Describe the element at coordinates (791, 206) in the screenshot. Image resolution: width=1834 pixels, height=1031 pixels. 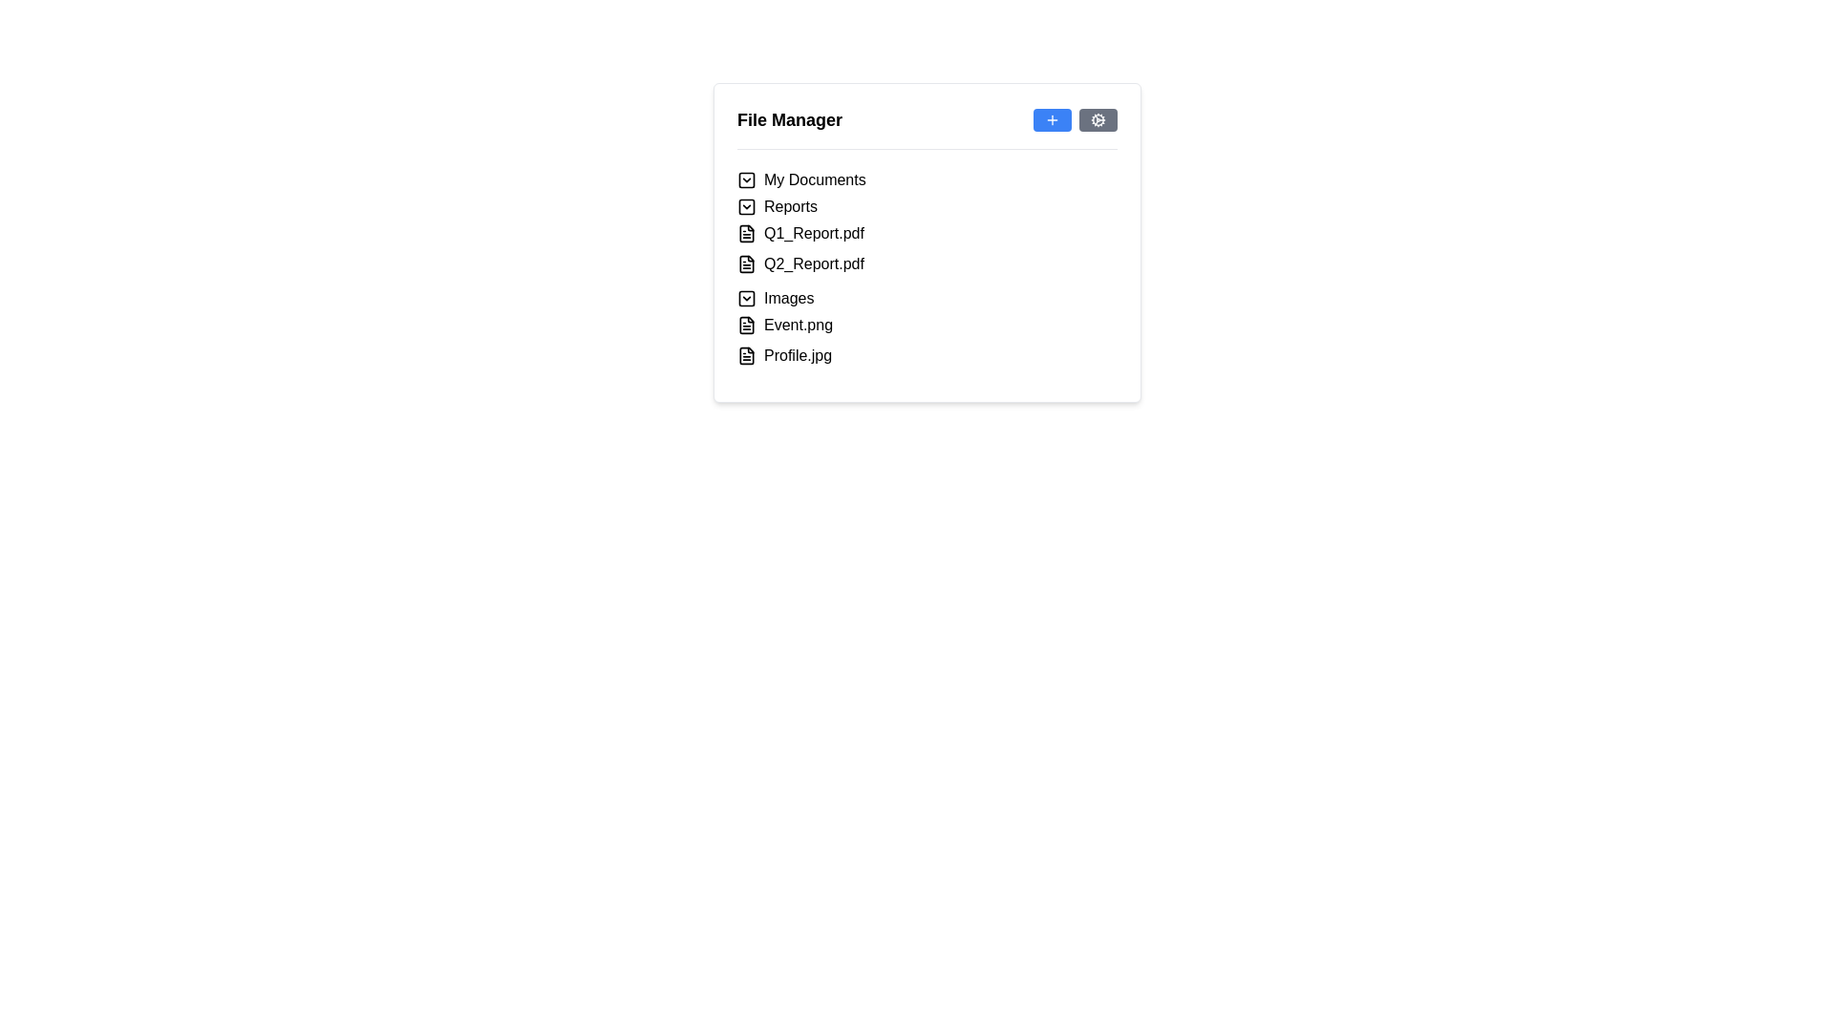
I see `the clickable label 'Reports' to expand or collapse the folder within the file manager` at that location.